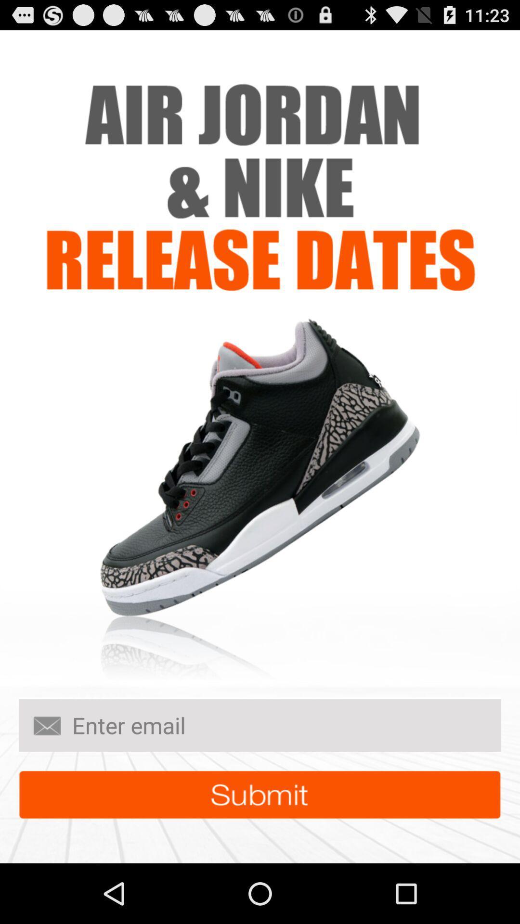 Image resolution: width=520 pixels, height=924 pixels. What do you see at coordinates (260, 795) in the screenshot?
I see `submit input button` at bounding box center [260, 795].